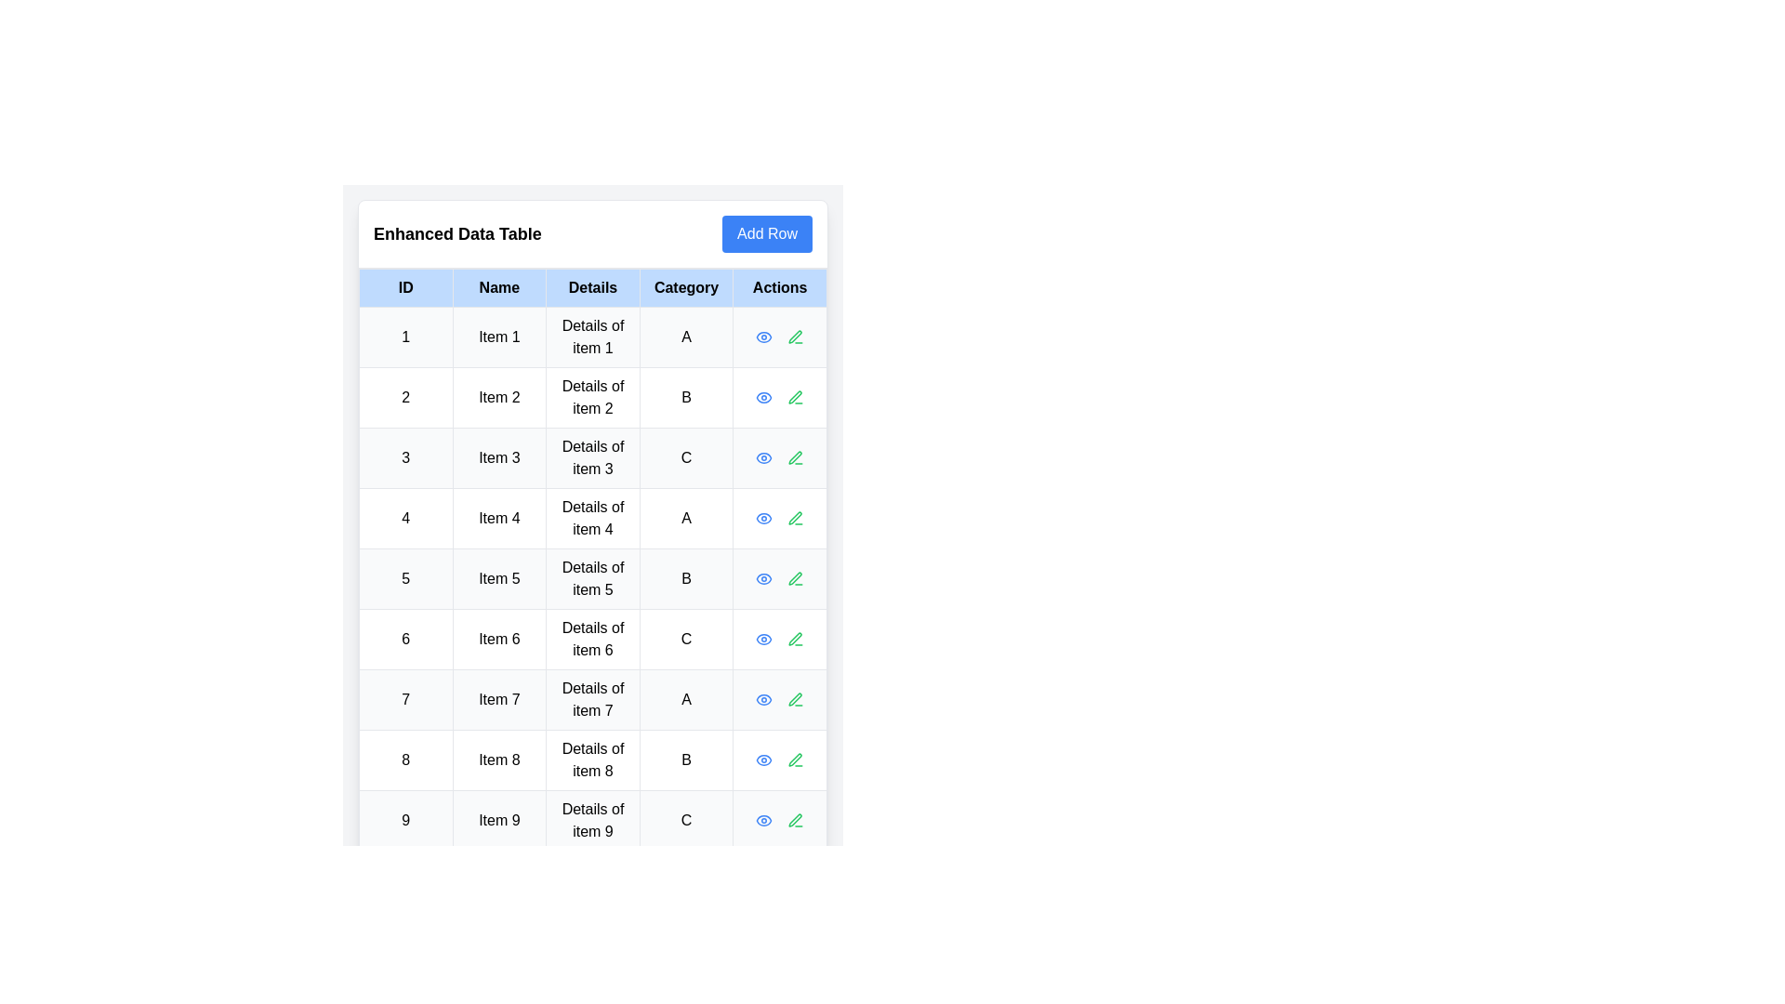  I want to click on the static Text display cell for the name attribute of the eighth entry in the table, located in the second column titled 'Name', so click(499, 760).